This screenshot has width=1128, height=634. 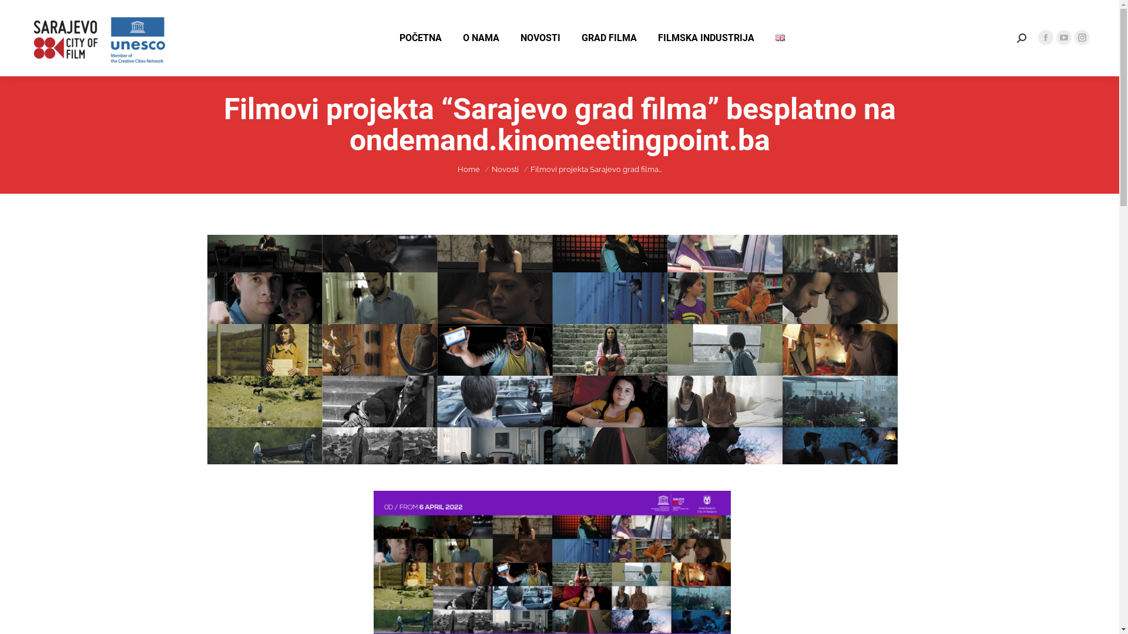 I want to click on 'NOVOSTI', so click(x=540, y=38).